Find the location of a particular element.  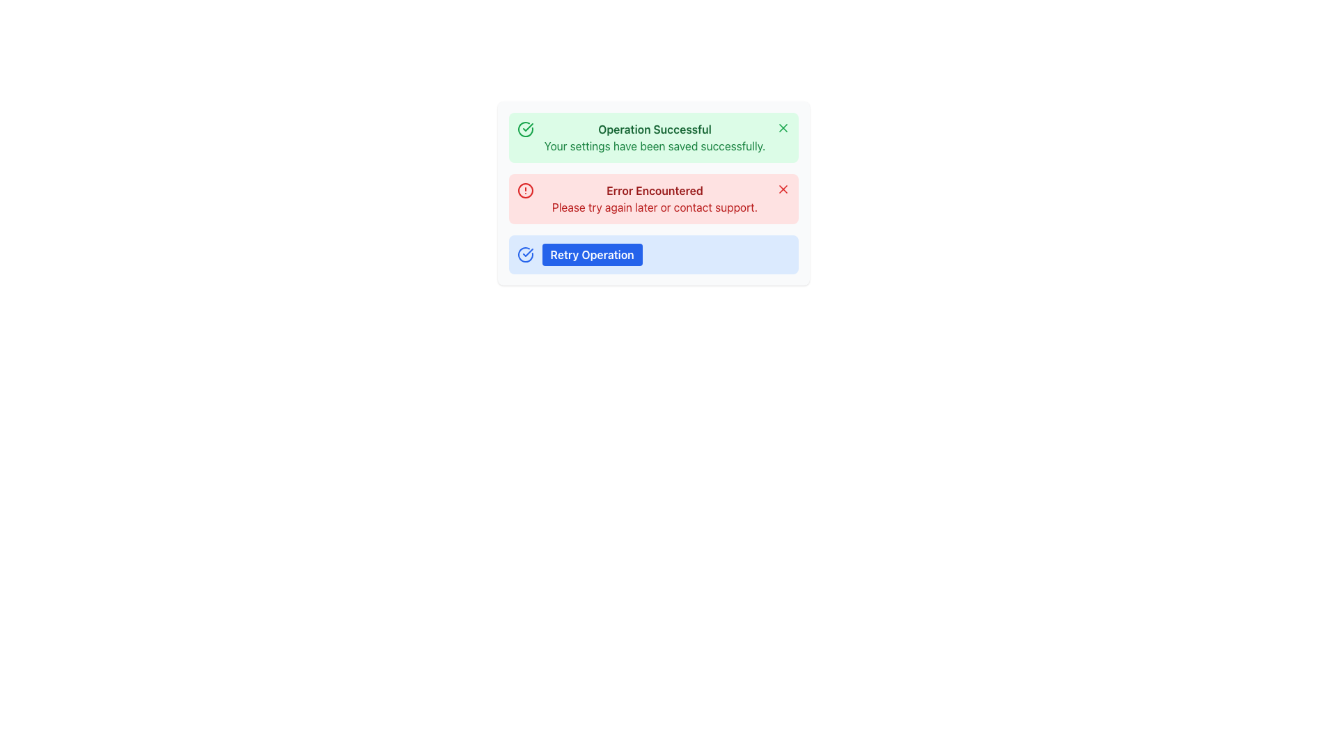

the checkmark element within the circular icon of the green notification bar labeled 'Operation Successful' is located at coordinates (527, 252).